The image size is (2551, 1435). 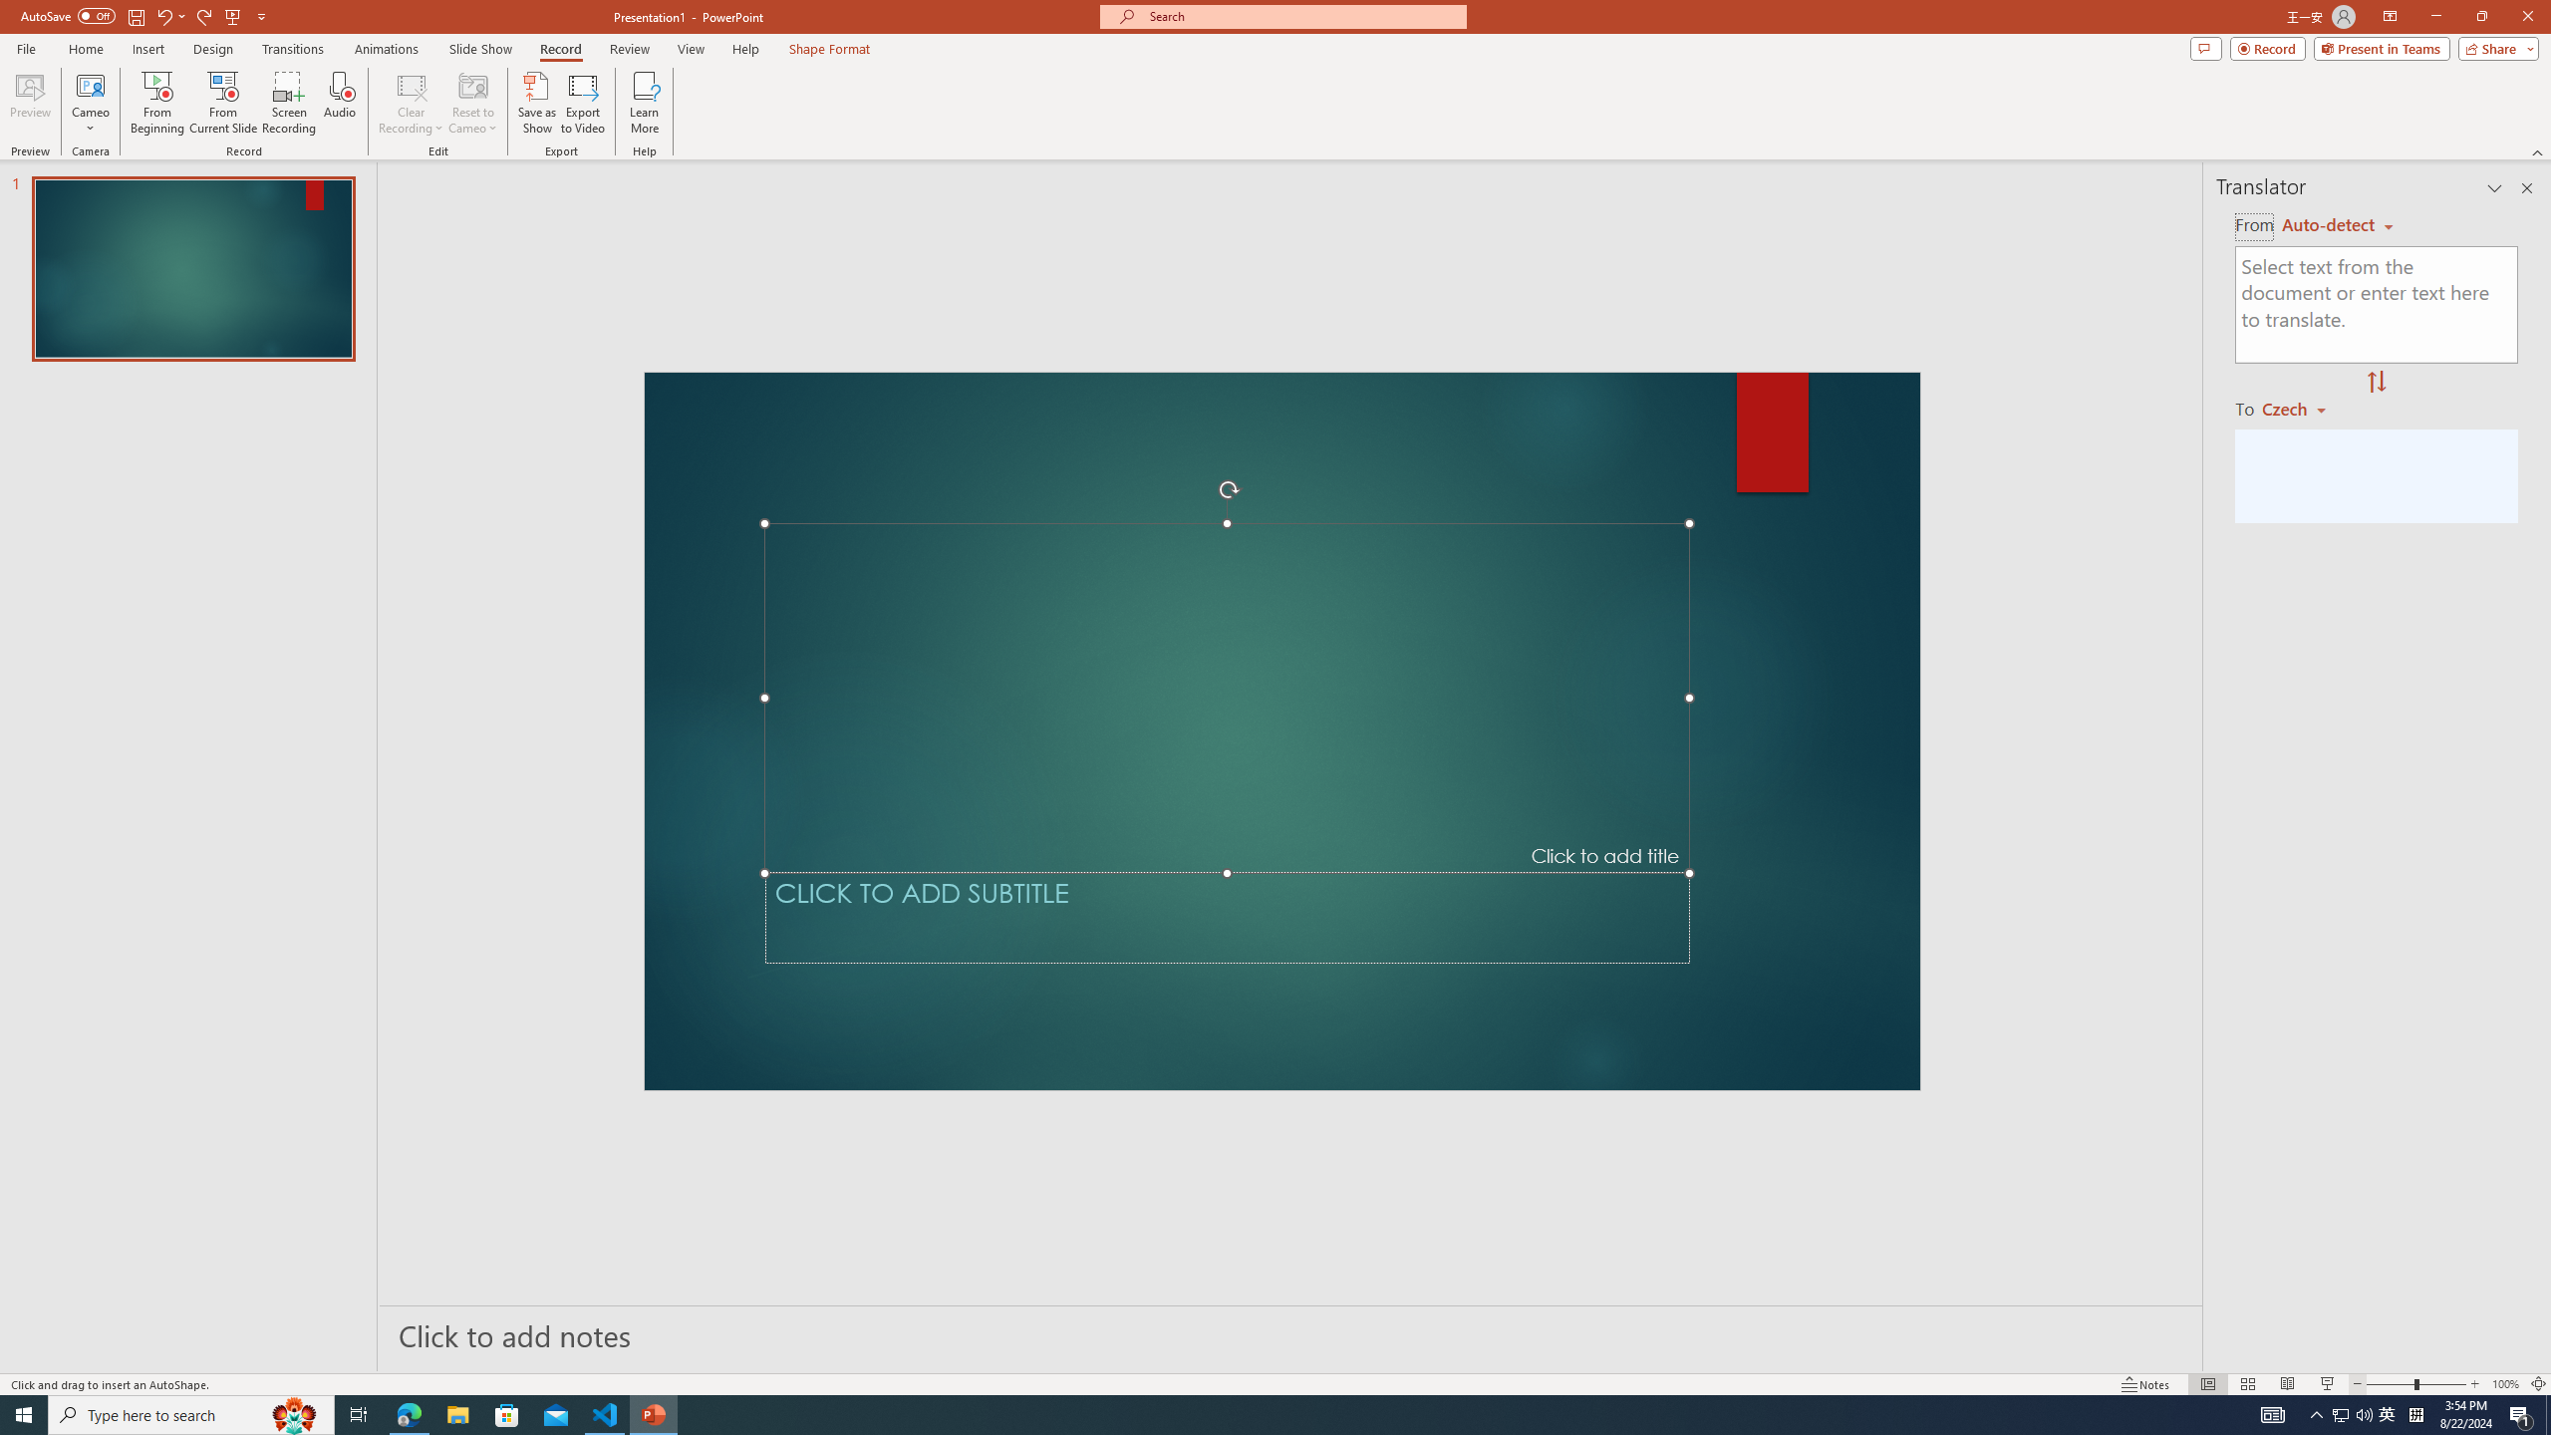 What do you see at coordinates (645, 103) in the screenshot?
I see `'Learn More'` at bounding box center [645, 103].